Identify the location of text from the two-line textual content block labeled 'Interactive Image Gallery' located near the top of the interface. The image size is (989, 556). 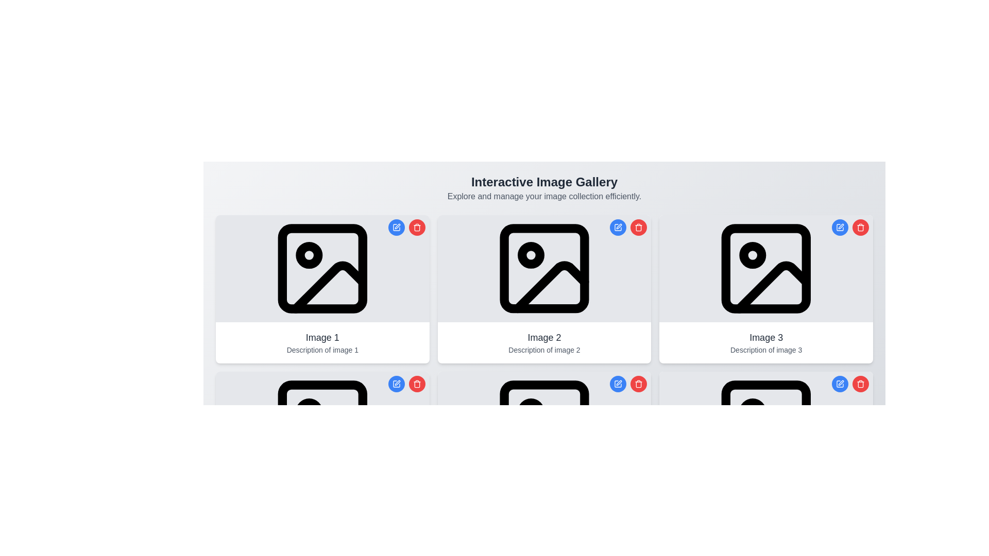
(543, 188).